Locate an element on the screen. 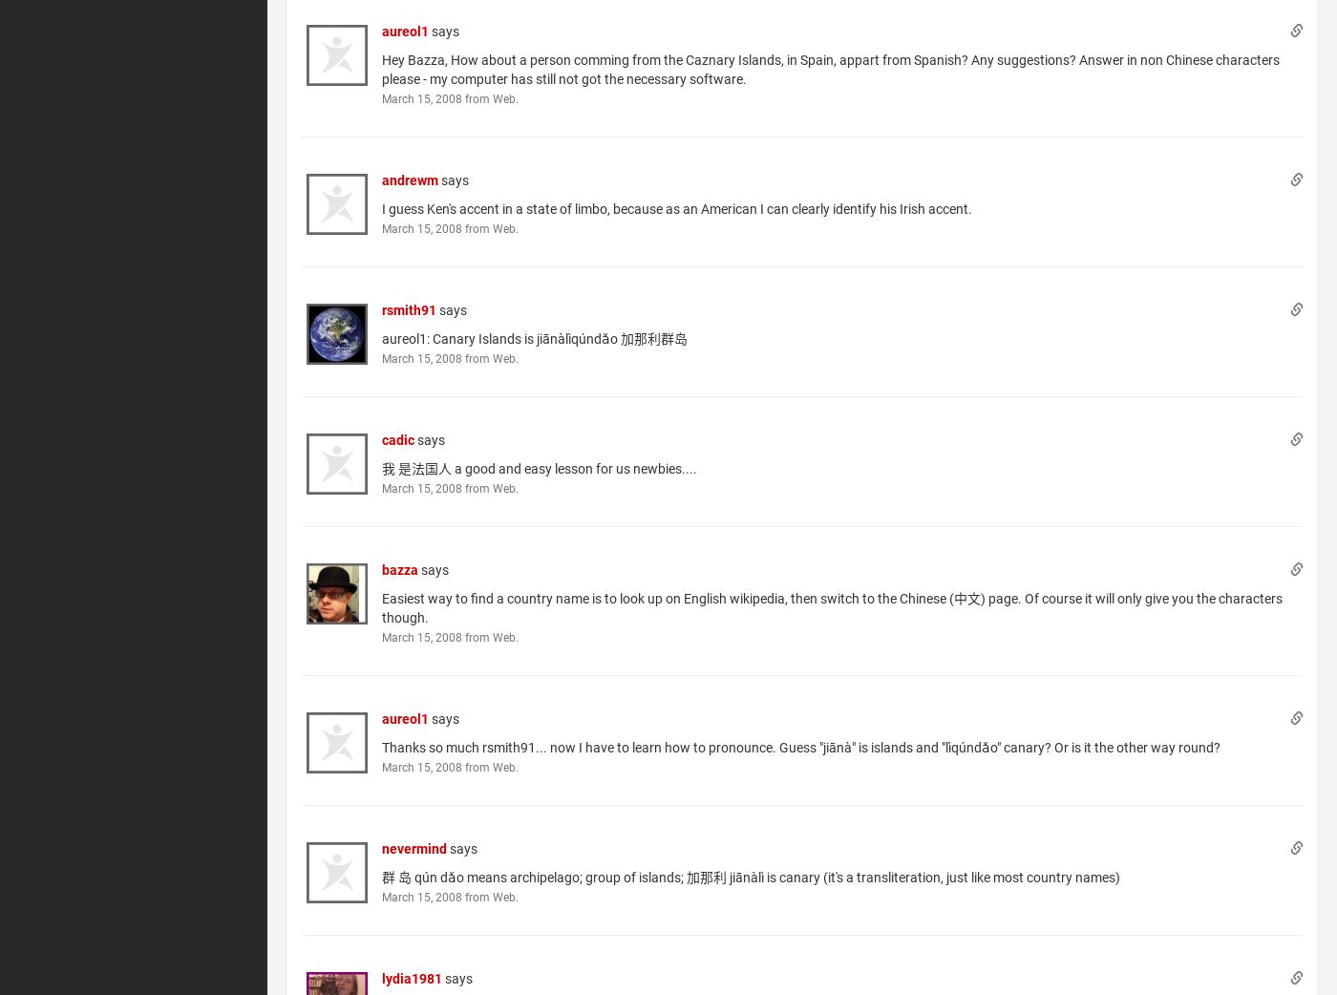 This screenshot has width=1337, height=995. 'bazza' is located at coordinates (400, 568).